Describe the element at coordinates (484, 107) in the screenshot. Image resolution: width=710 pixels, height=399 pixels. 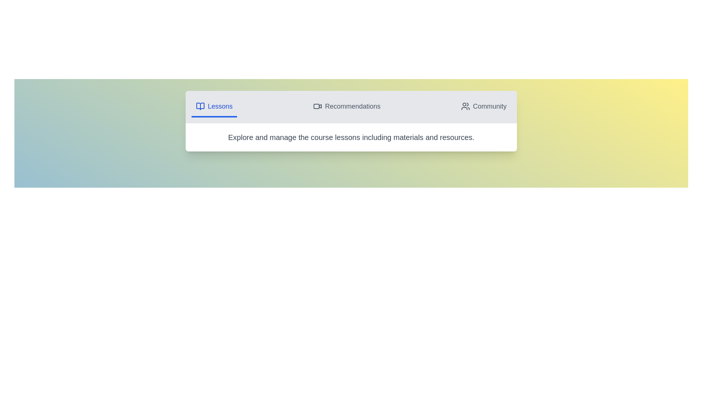
I see `the Community tab by clicking on its icon` at that location.